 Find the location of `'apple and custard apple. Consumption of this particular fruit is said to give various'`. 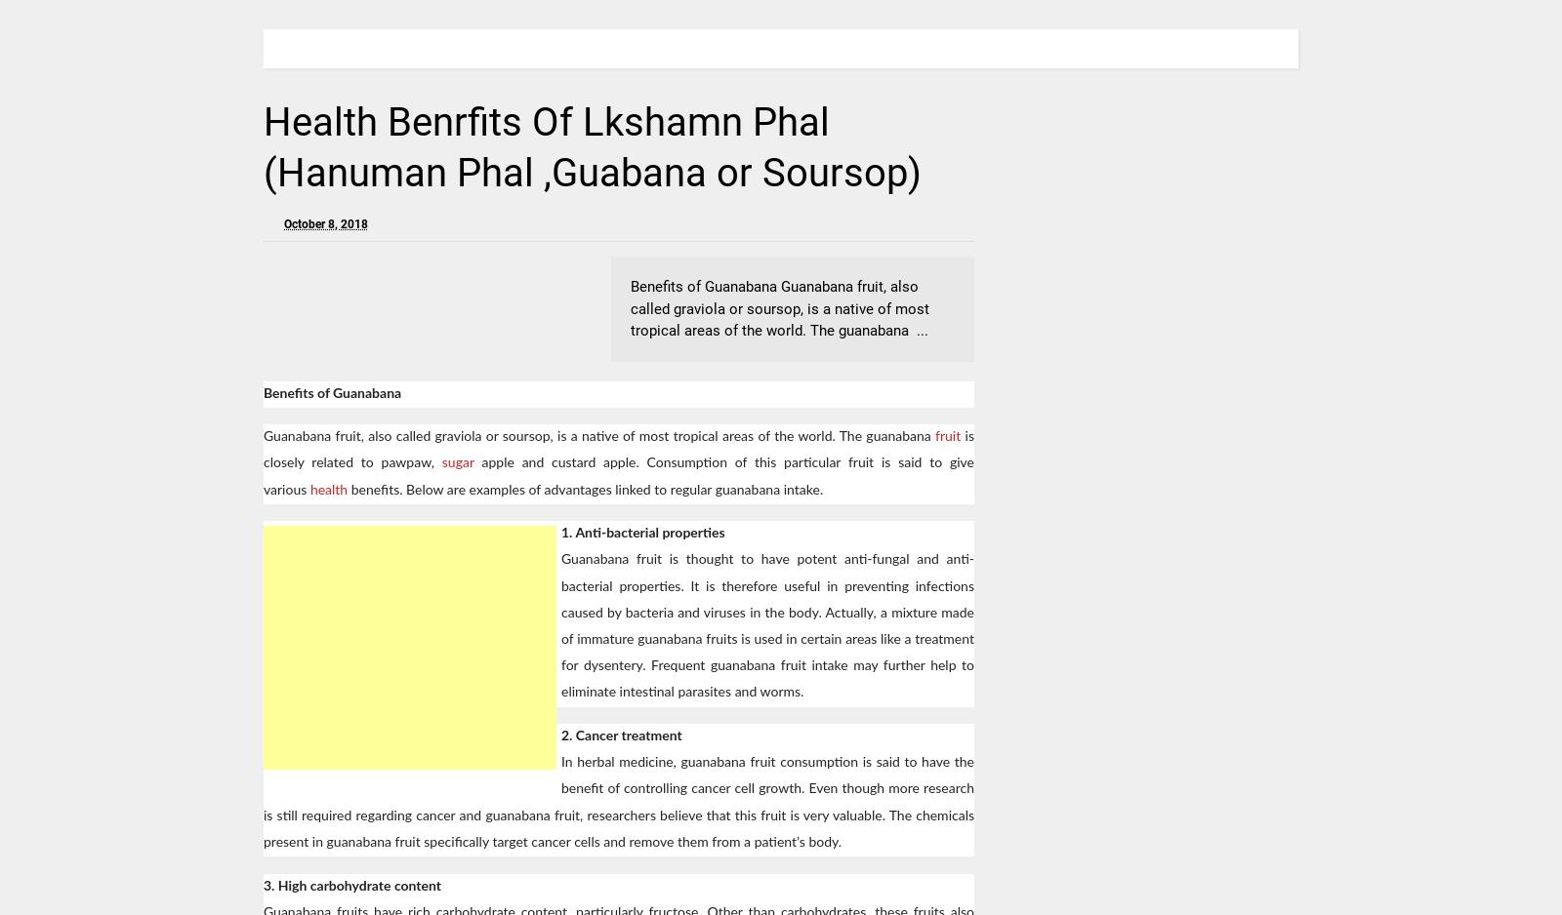

'apple and custard apple. Consumption of this particular fruit is said to give various' is located at coordinates (618, 476).